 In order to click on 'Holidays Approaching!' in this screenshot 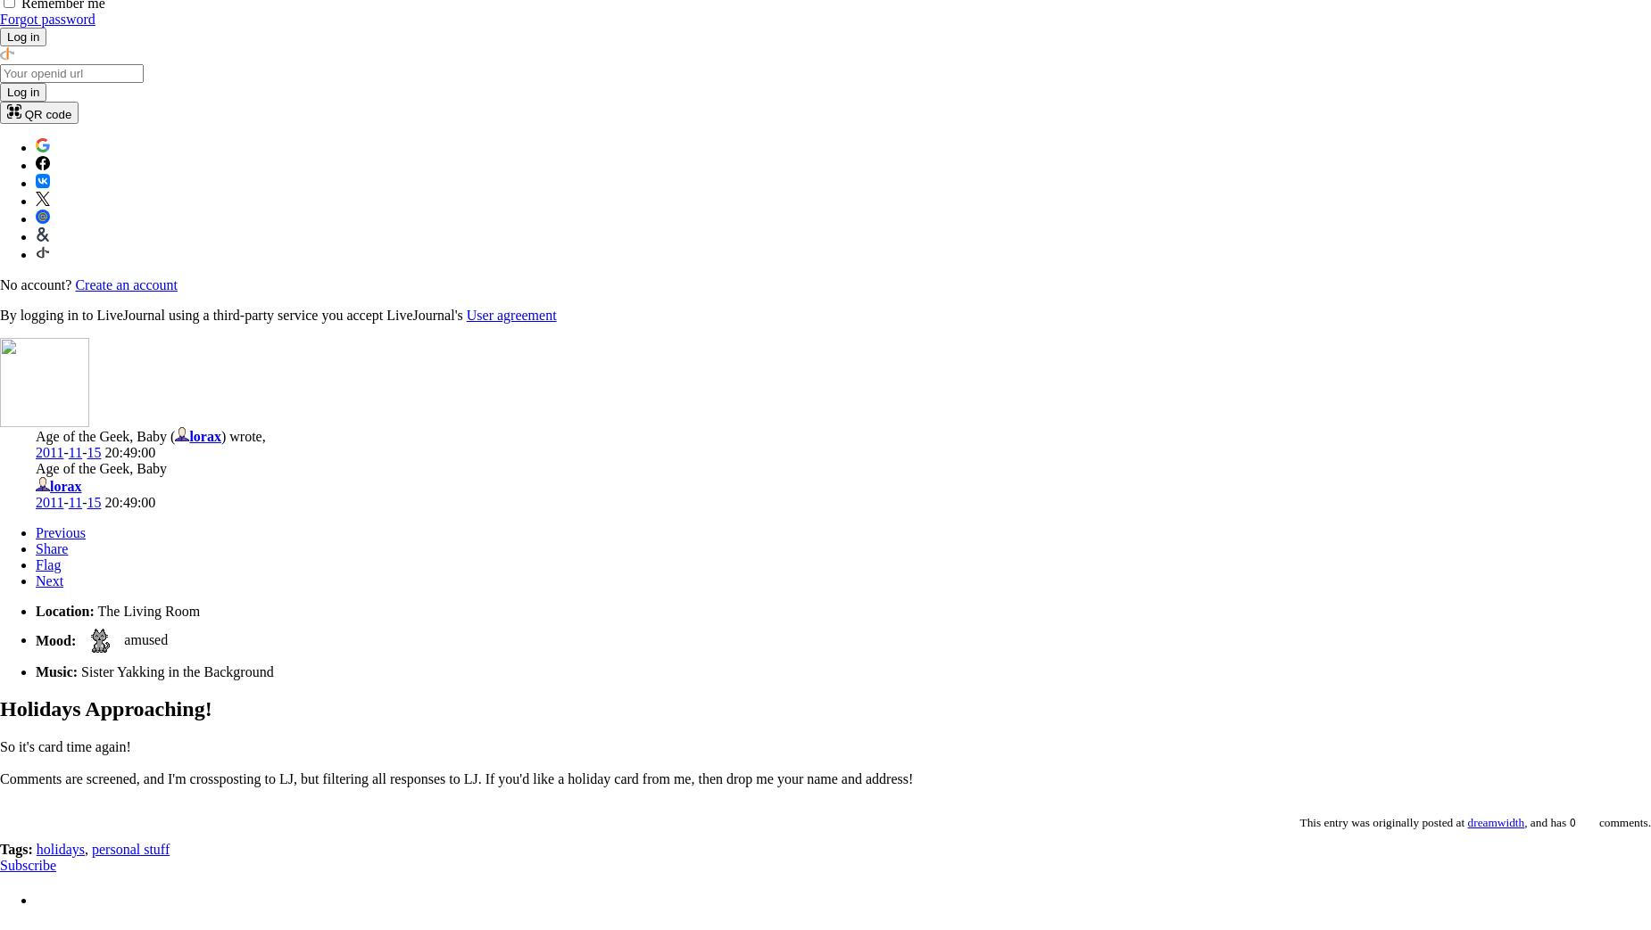, I will do `click(104, 707)`.